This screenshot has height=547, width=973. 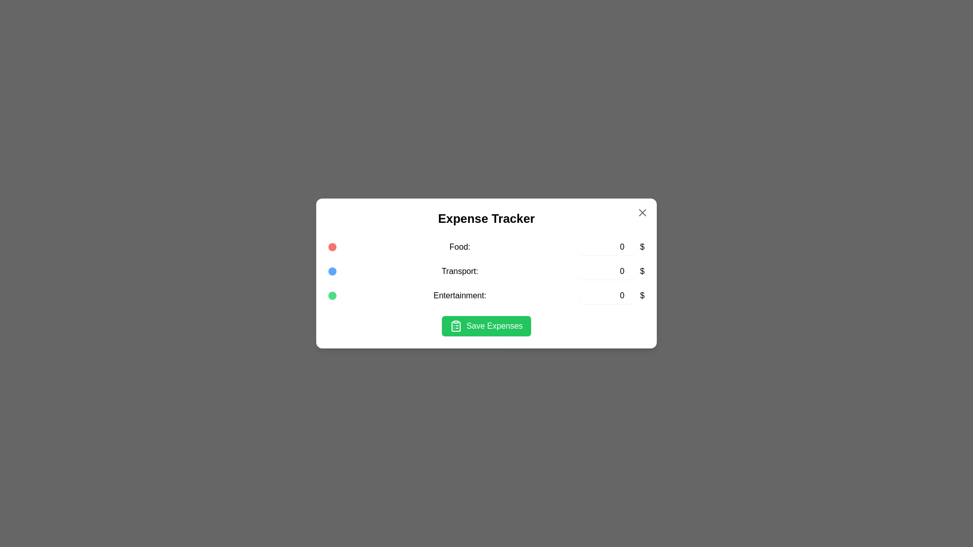 I want to click on the expense amount for the 'Food' category to 3884, so click(x=608, y=247).